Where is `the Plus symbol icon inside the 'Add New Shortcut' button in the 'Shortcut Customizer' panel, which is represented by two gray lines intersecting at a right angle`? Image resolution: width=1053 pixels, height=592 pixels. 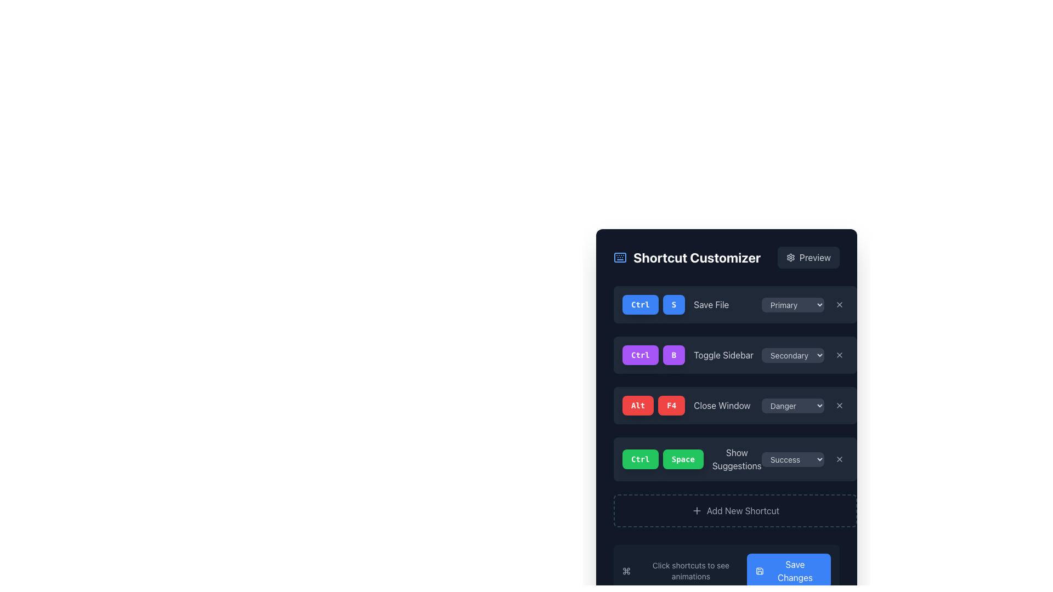 the Plus symbol icon inside the 'Add New Shortcut' button in the 'Shortcut Customizer' panel, which is represented by two gray lines intersecting at a right angle is located at coordinates (696, 511).